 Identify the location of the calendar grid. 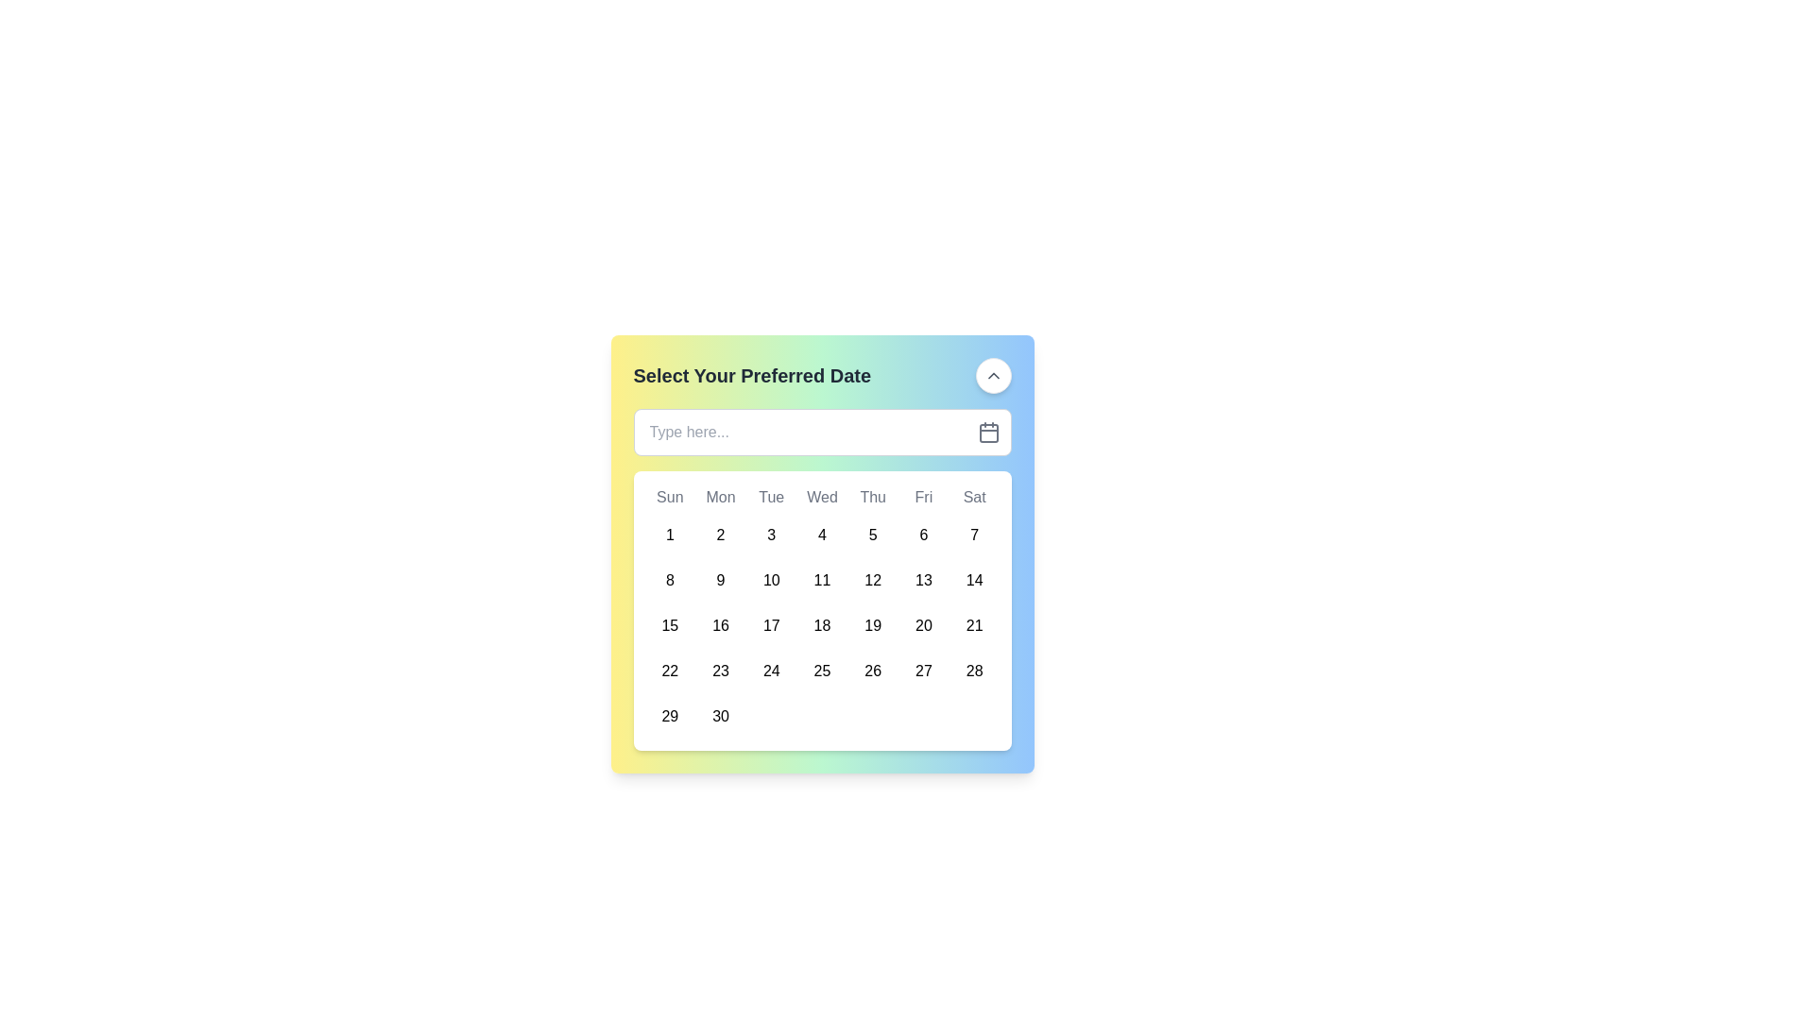
(822, 611).